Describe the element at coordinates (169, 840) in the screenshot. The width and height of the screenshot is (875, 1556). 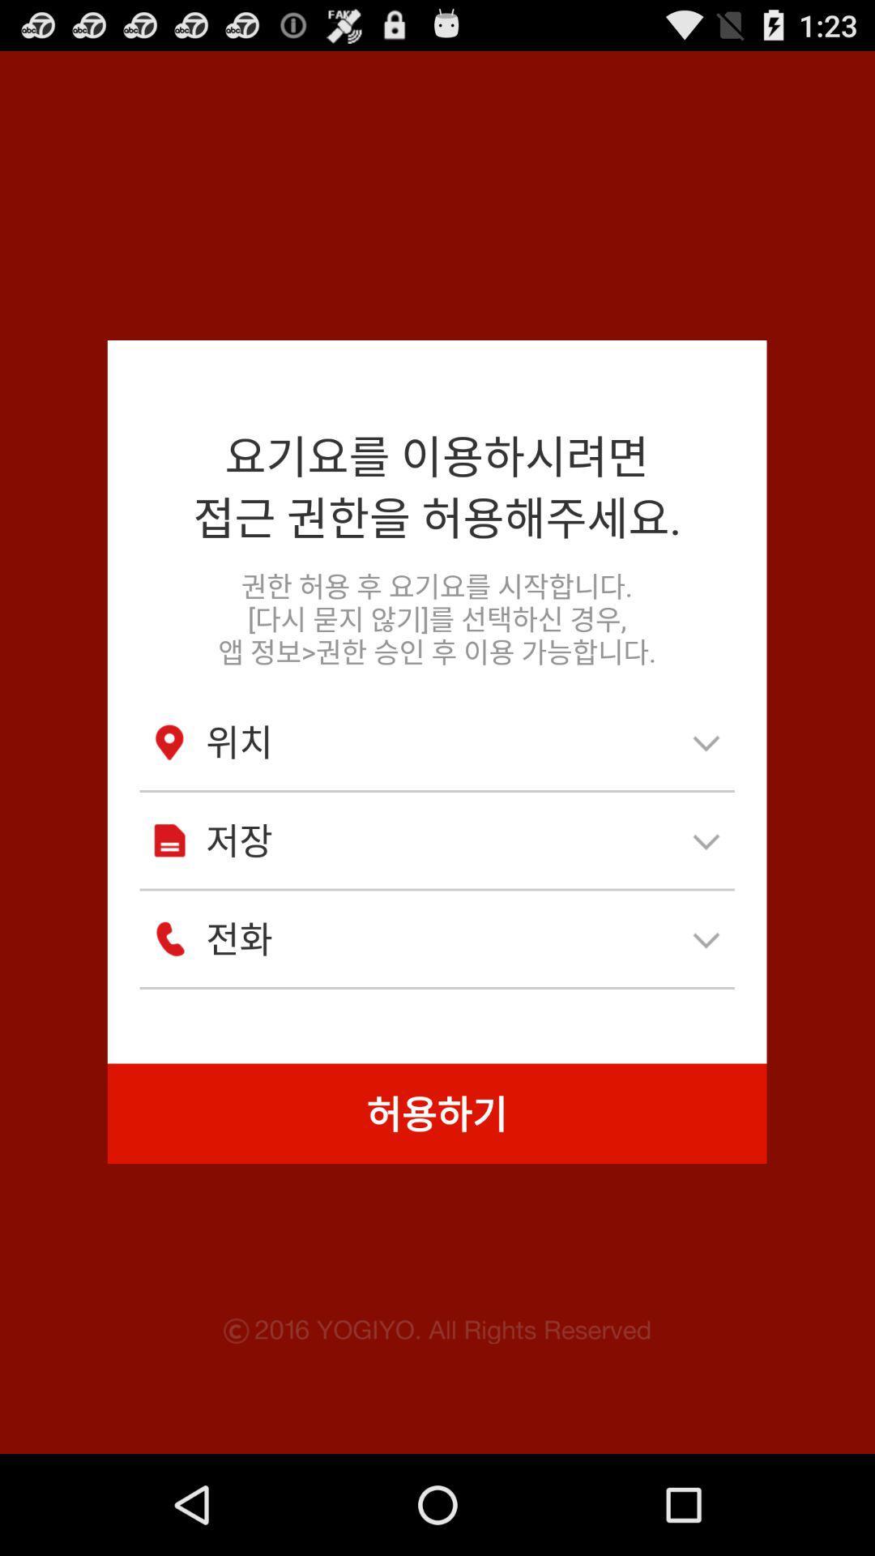
I see `document icon` at that location.